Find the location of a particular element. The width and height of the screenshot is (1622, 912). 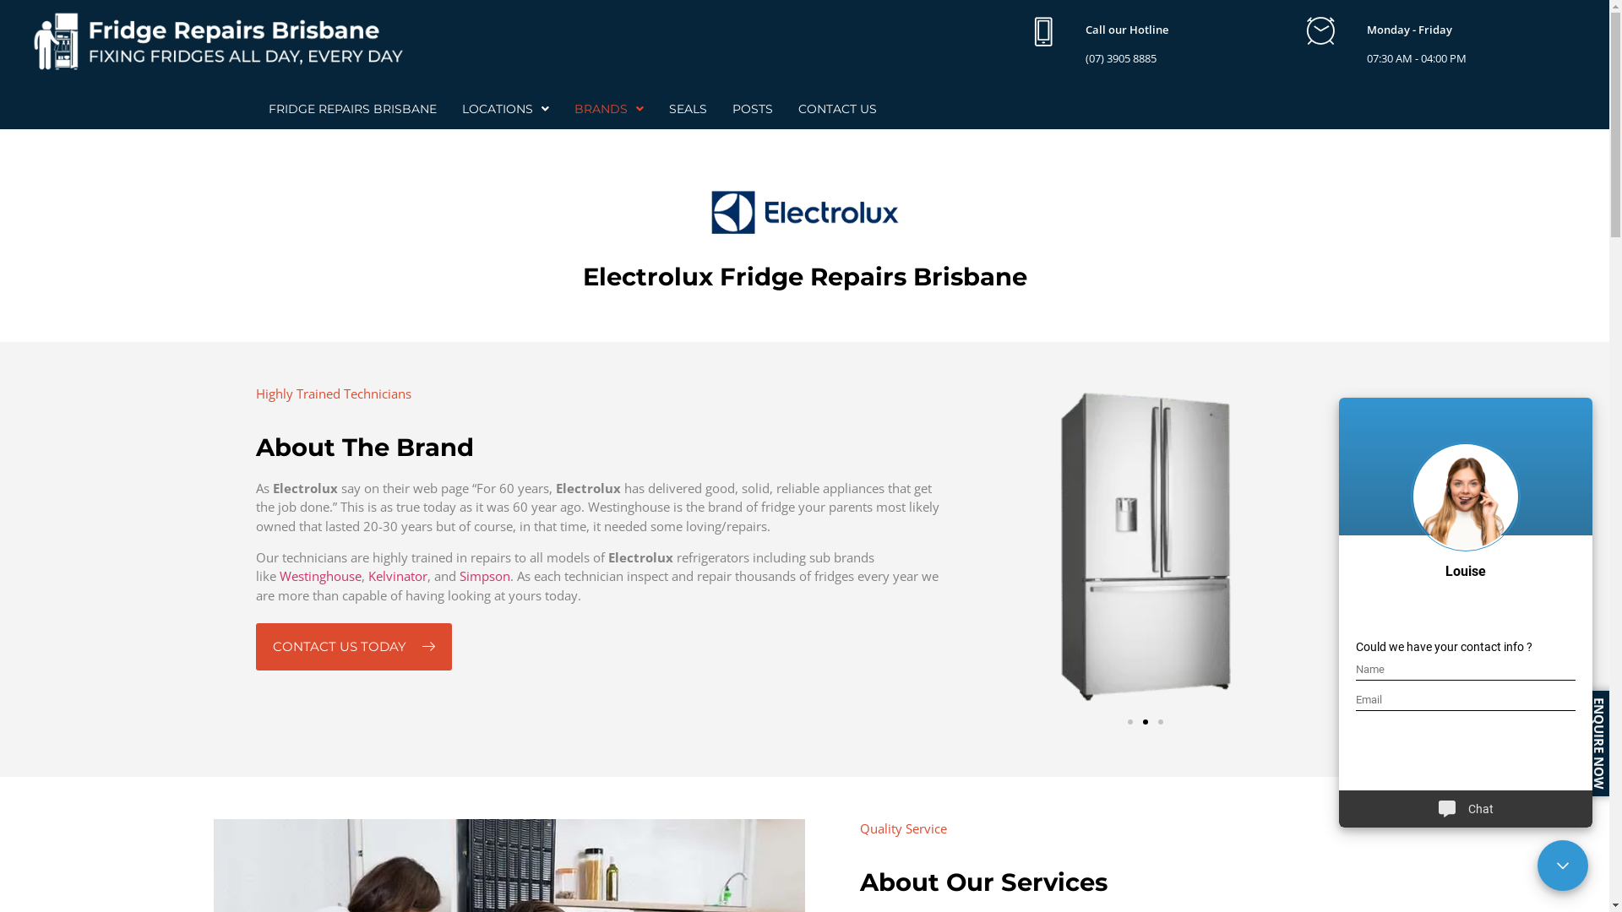

'LOCATIONS' is located at coordinates (504, 108).